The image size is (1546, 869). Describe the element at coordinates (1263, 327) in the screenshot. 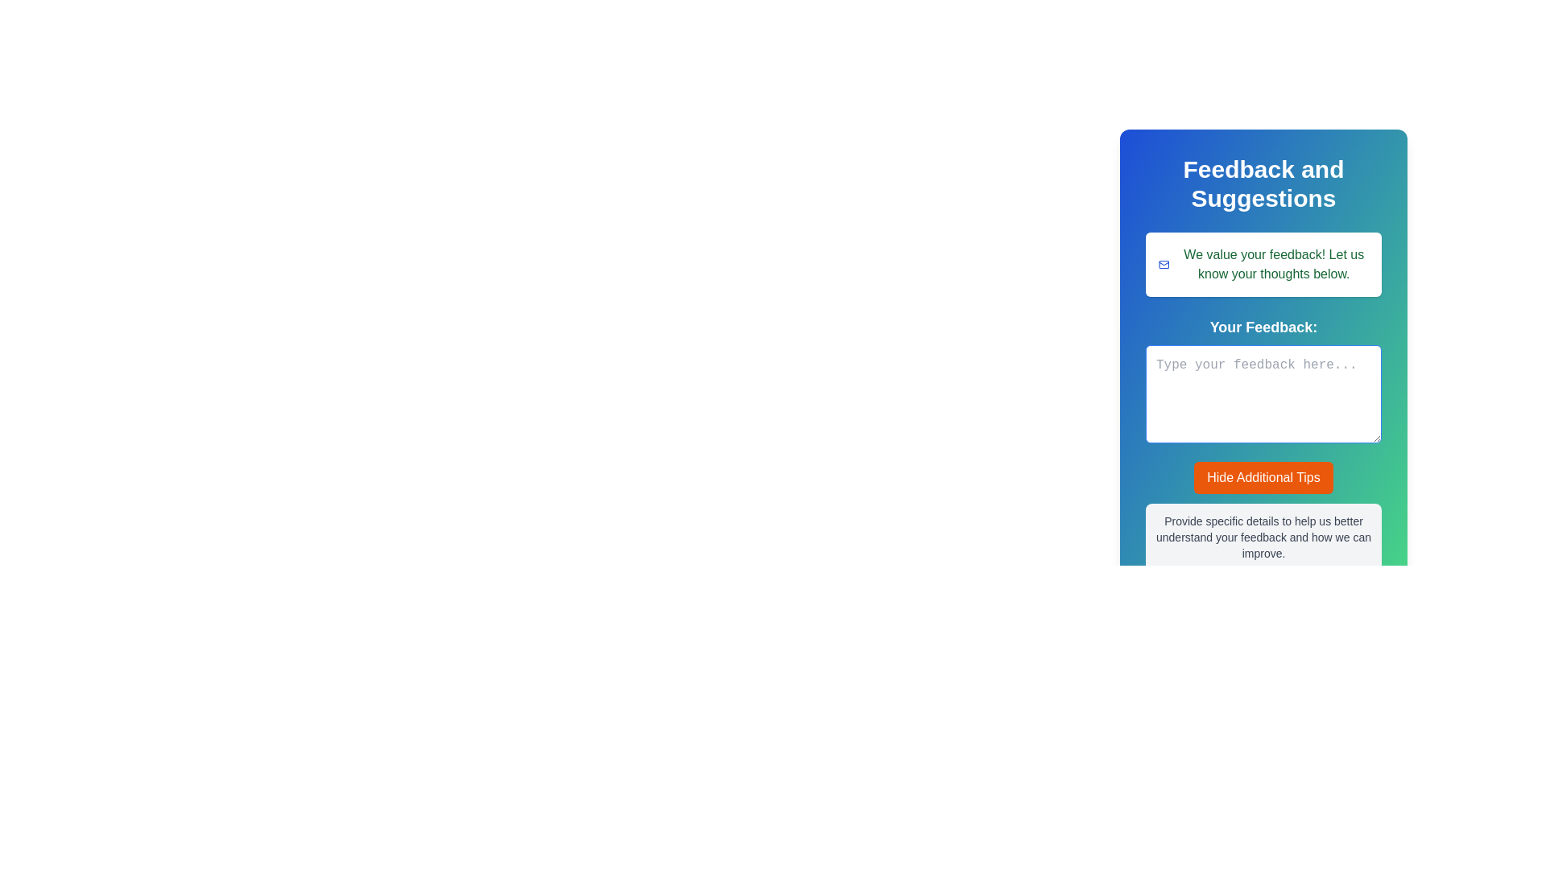

I see `the Text Label that indicates the purpose of the adjacent text area for providing feedback, which is located below the feedback section and above the text input box` at that location.